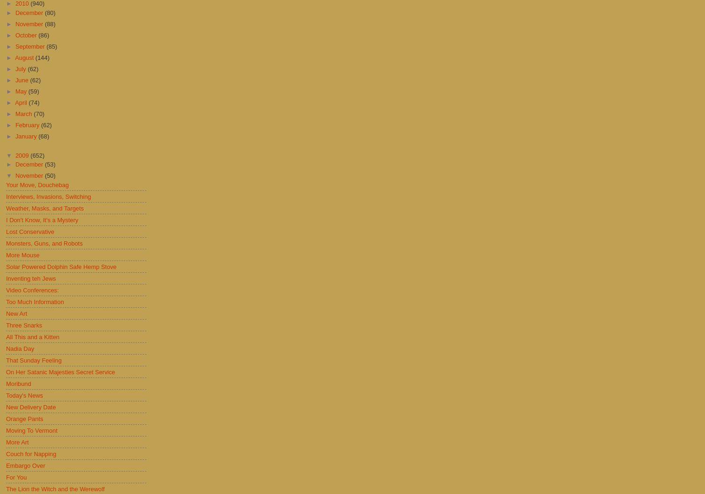 The image size is (705, 494). I want to click on 'Nadia Day', so click(20, 348).